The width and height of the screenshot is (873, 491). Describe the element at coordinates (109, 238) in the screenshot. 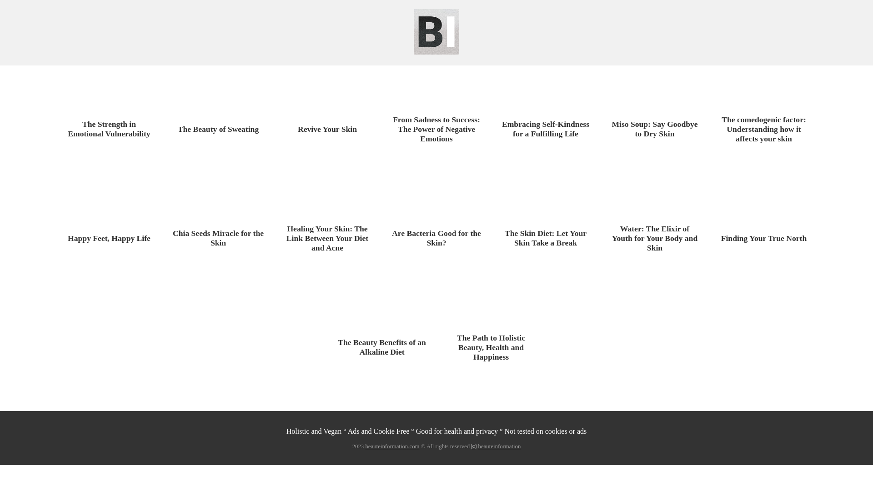

I see `'Happy Feet, Happy Life'` at that location.